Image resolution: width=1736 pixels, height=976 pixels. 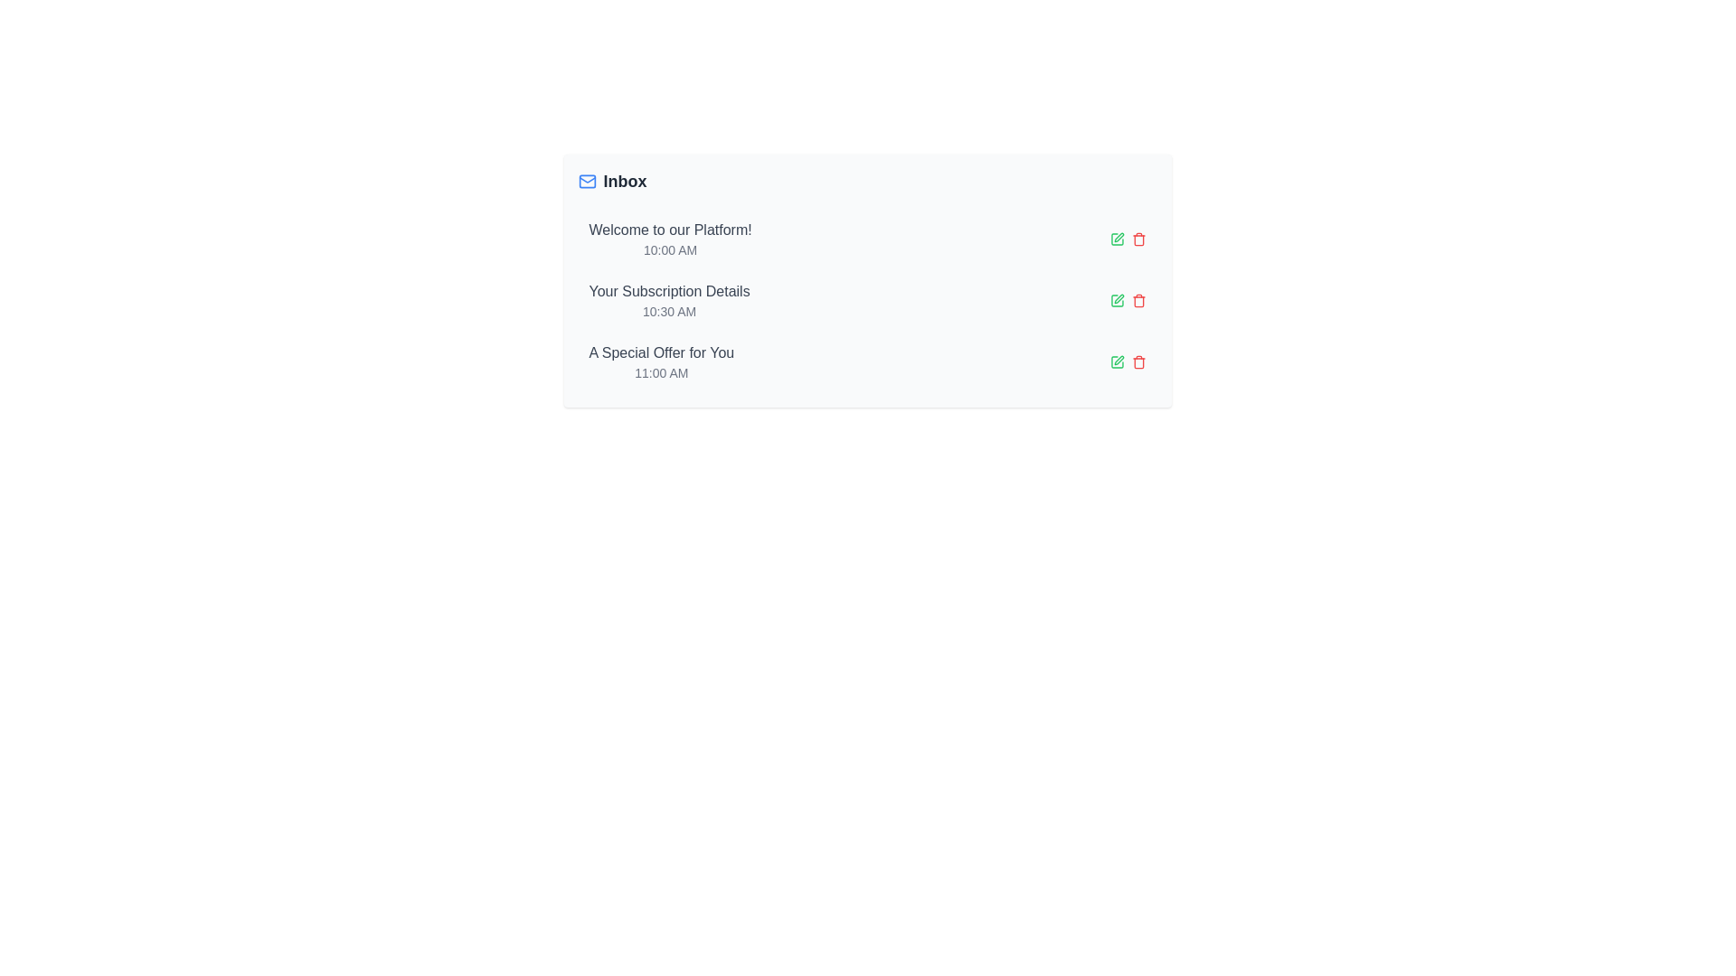 What do you see at coordinates (1118, 360) in the screenshot?
I see `the green pencil-shaped icon located in the upper-right section of its group` at bounding box center [1118, 360].